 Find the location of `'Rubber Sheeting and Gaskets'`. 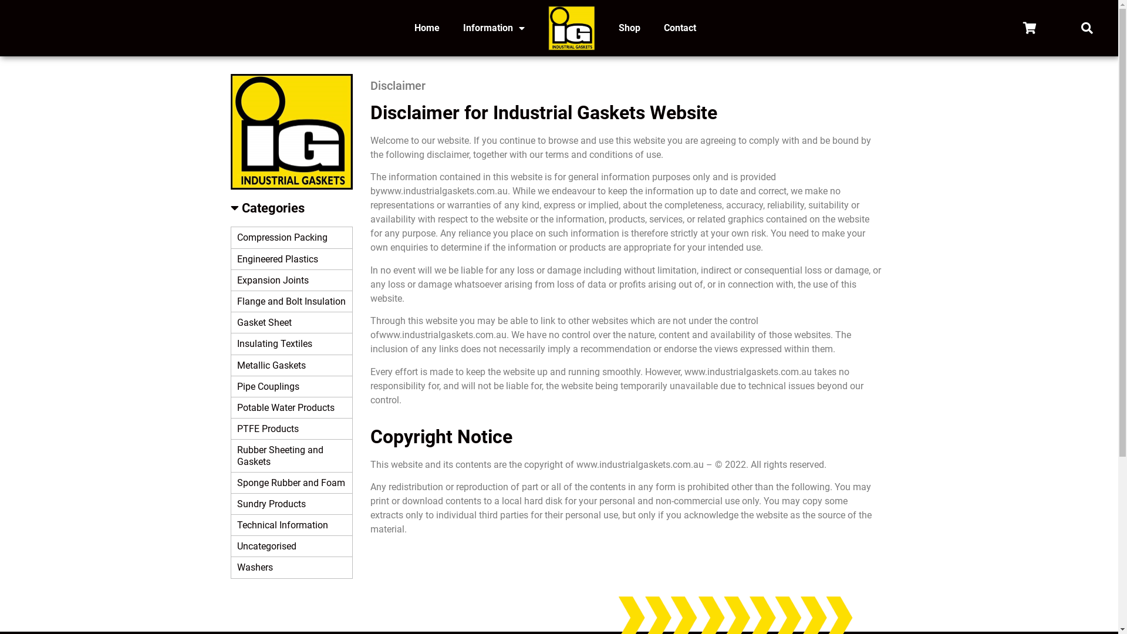

'Rubber Sheeting and Gaskets' is located at coordinates (292, 455).